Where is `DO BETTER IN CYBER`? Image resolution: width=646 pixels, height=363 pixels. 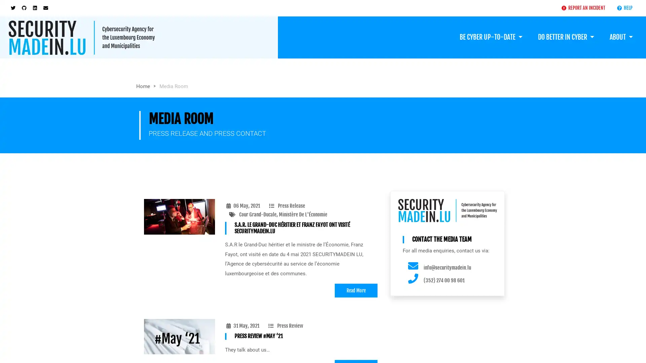 DO BETTER IN CYBER is located at coordinates (565, 36).